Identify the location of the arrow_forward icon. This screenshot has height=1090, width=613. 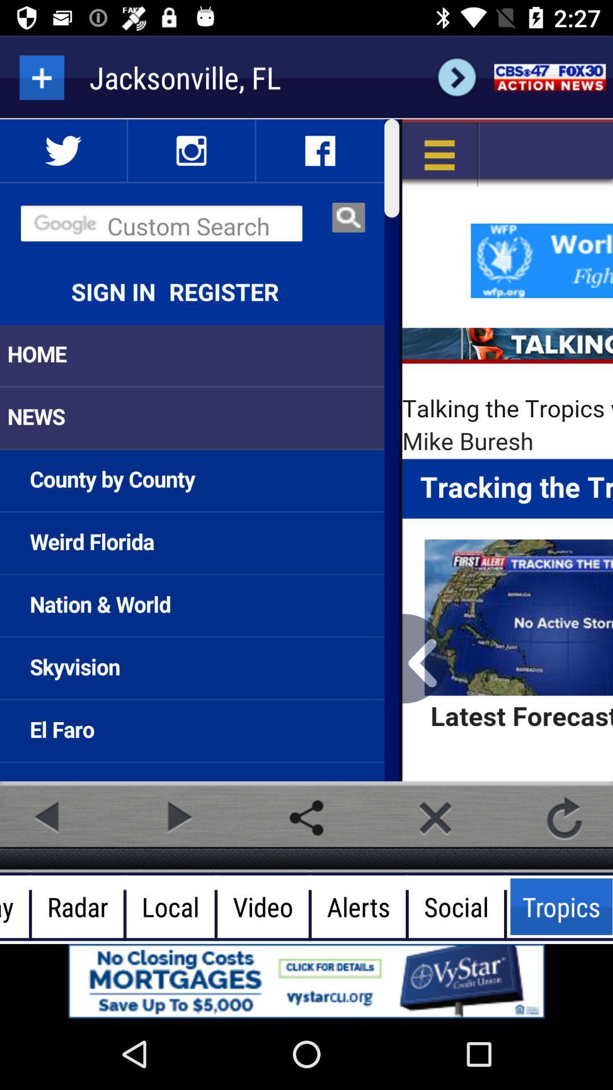
(456, 77).